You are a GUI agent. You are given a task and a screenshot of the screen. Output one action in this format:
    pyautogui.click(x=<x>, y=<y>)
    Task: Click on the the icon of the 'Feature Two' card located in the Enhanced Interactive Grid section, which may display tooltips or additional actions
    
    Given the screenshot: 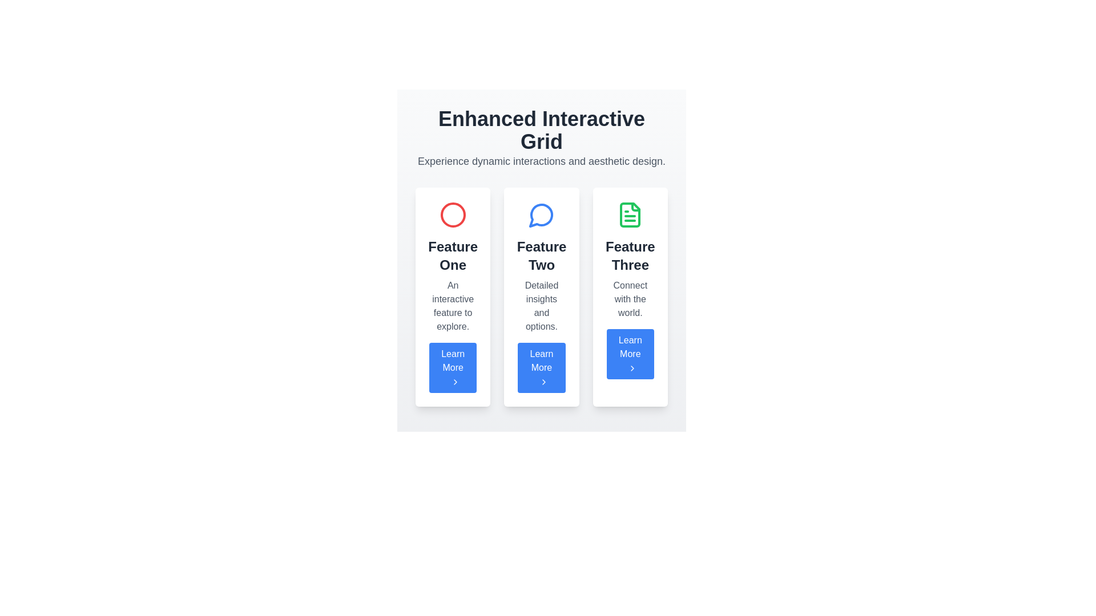 What is the action you would take?
    pyautogui.click(x=541, y=296)
    